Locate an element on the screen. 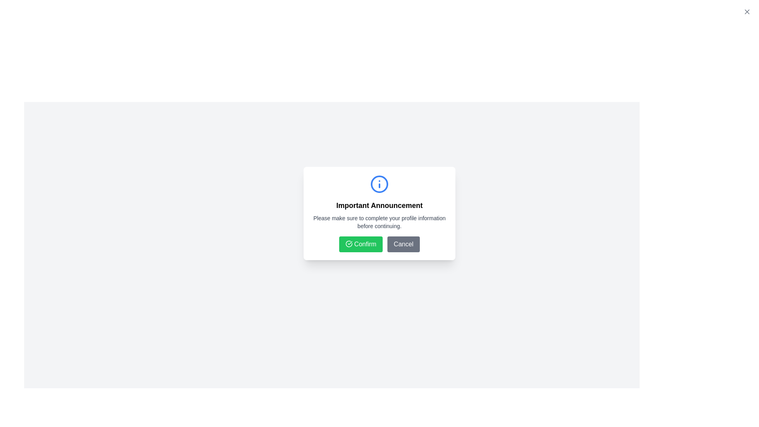  the 'Cancel' button which is a rectangular button with a gray background and white text, located at the bottom-center of the page is located at coordinates (404, 244).